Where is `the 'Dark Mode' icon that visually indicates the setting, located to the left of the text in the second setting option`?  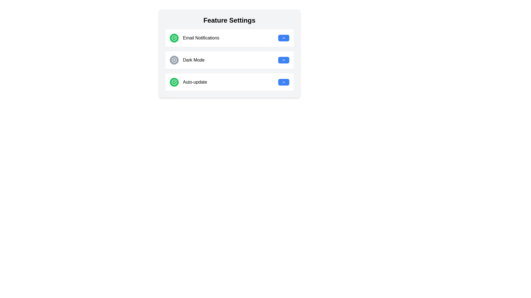
the 'Dark Mode' icon that visually indicates the setting, located to the left of the text in the second setting option is located at coordinates (174, 60).